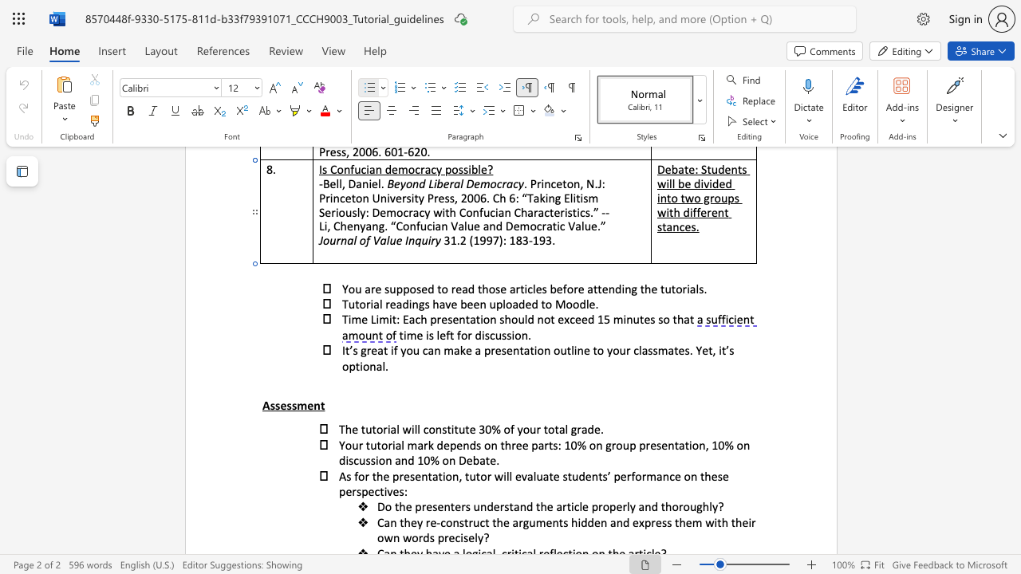  Describe the element at coordinates (272, 404) in the screenshot. I see `the 1th character "s" in the text` at that location.